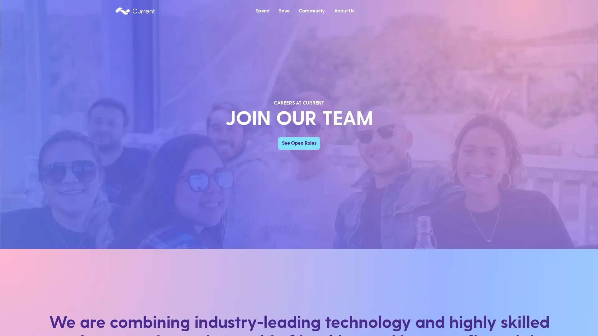  What do you see at coordinates (298, 143) in the screenshot?
I see `See Open Roles` at bounding box center [298, 143].